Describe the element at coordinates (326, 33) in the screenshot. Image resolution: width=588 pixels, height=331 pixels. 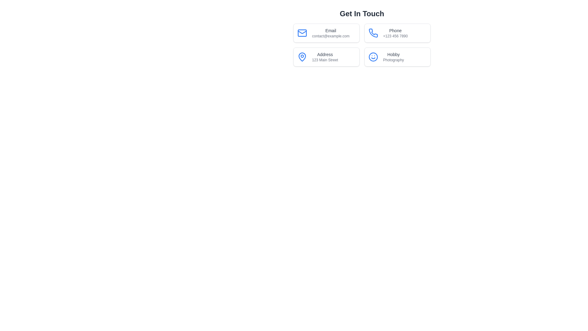
I see `the 'Email' contact information card located at the top-left of the grid layout` at that location.